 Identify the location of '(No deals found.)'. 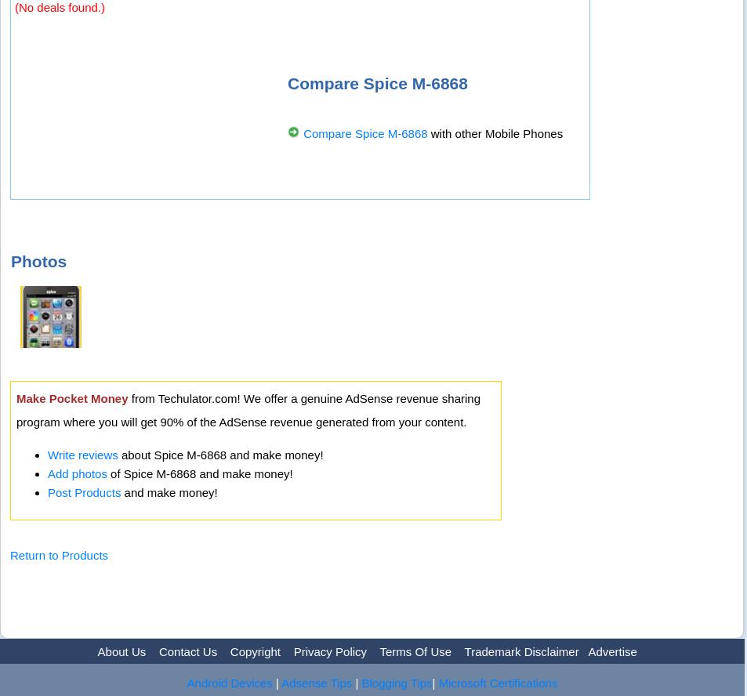
(59, 7).